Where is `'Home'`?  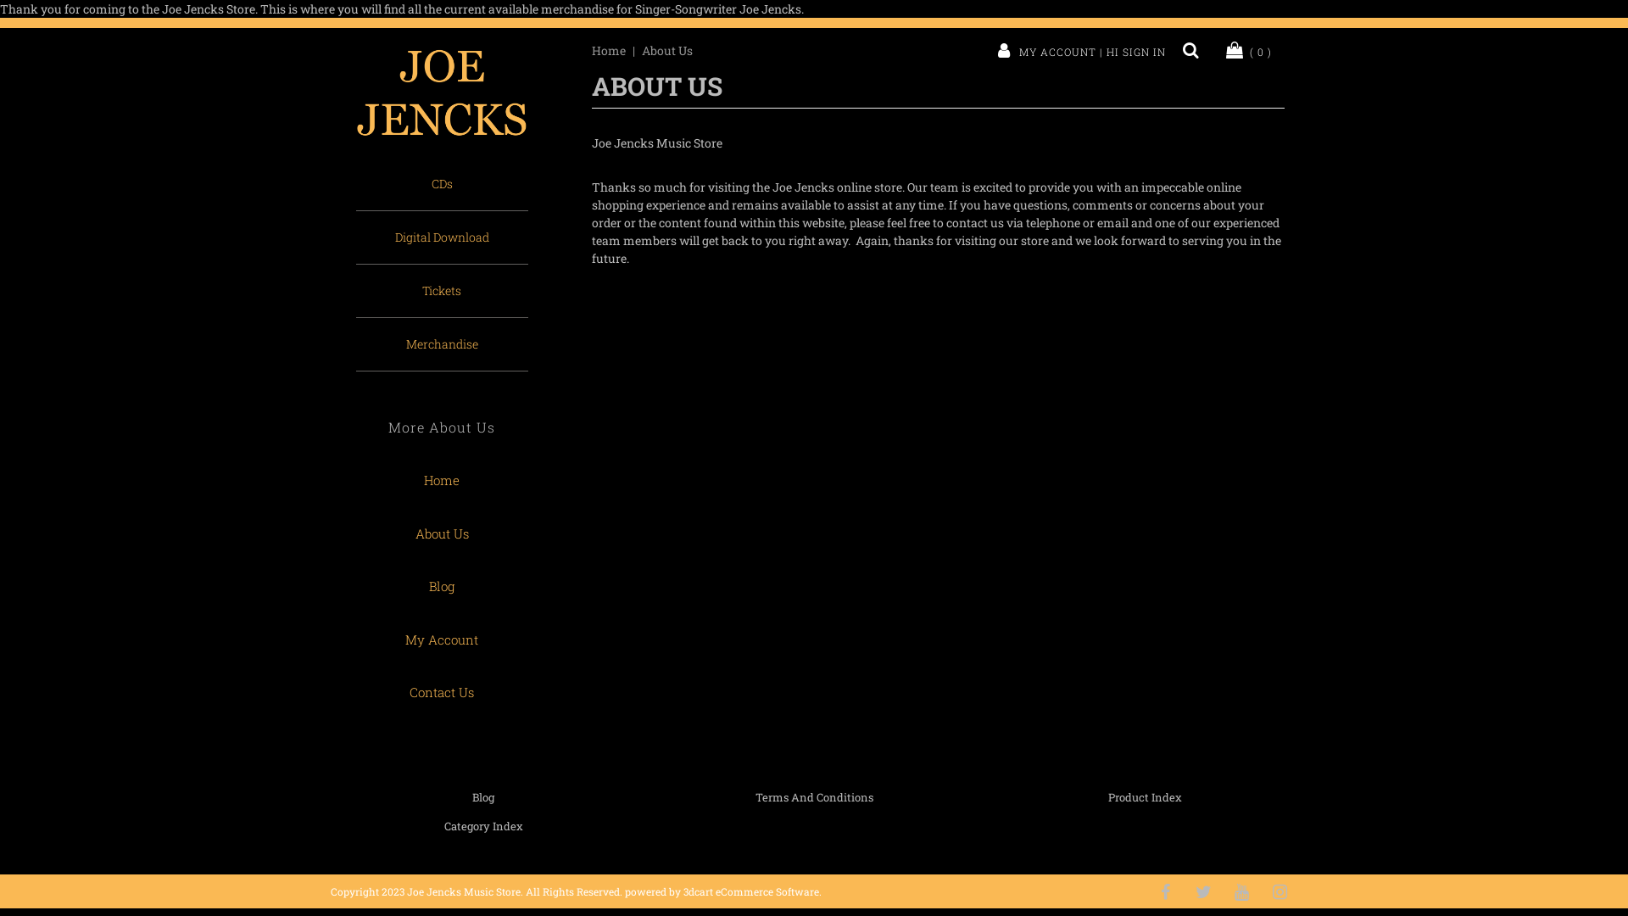
'Home' is located at coordinates (609, 49).